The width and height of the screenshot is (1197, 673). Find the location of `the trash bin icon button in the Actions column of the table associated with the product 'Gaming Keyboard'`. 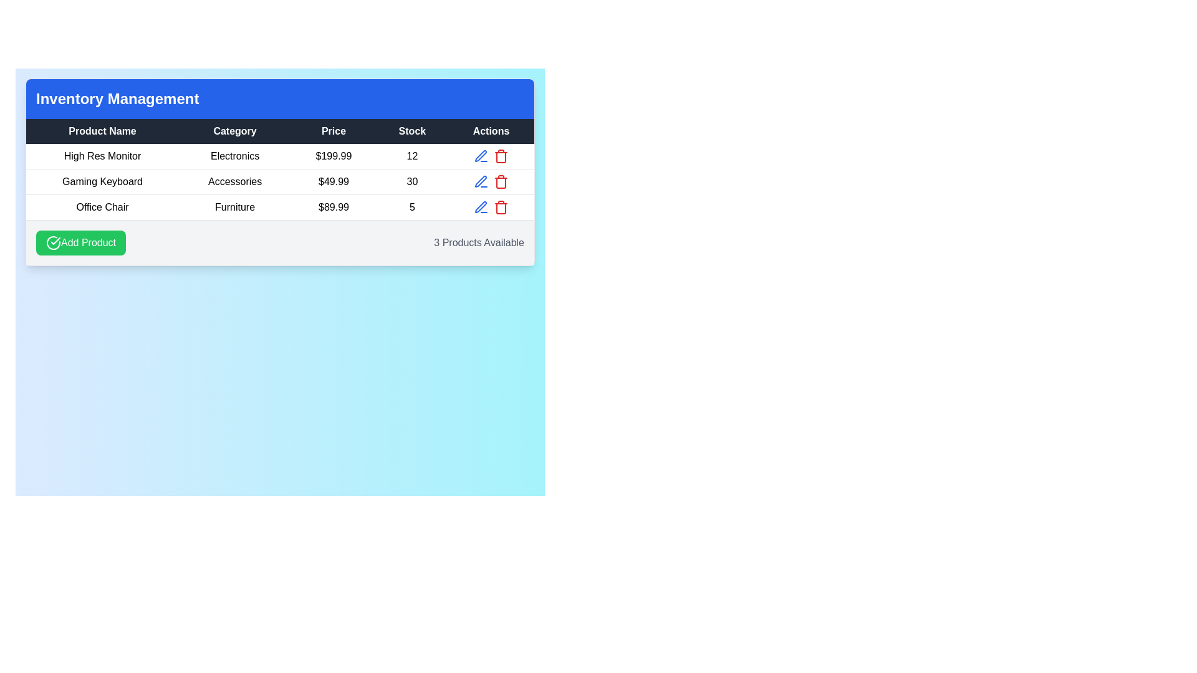

the trash bin icon button in the Actions column of the table associated with the product 'Gaming Keyboard' is located at coordinates (501, 182).